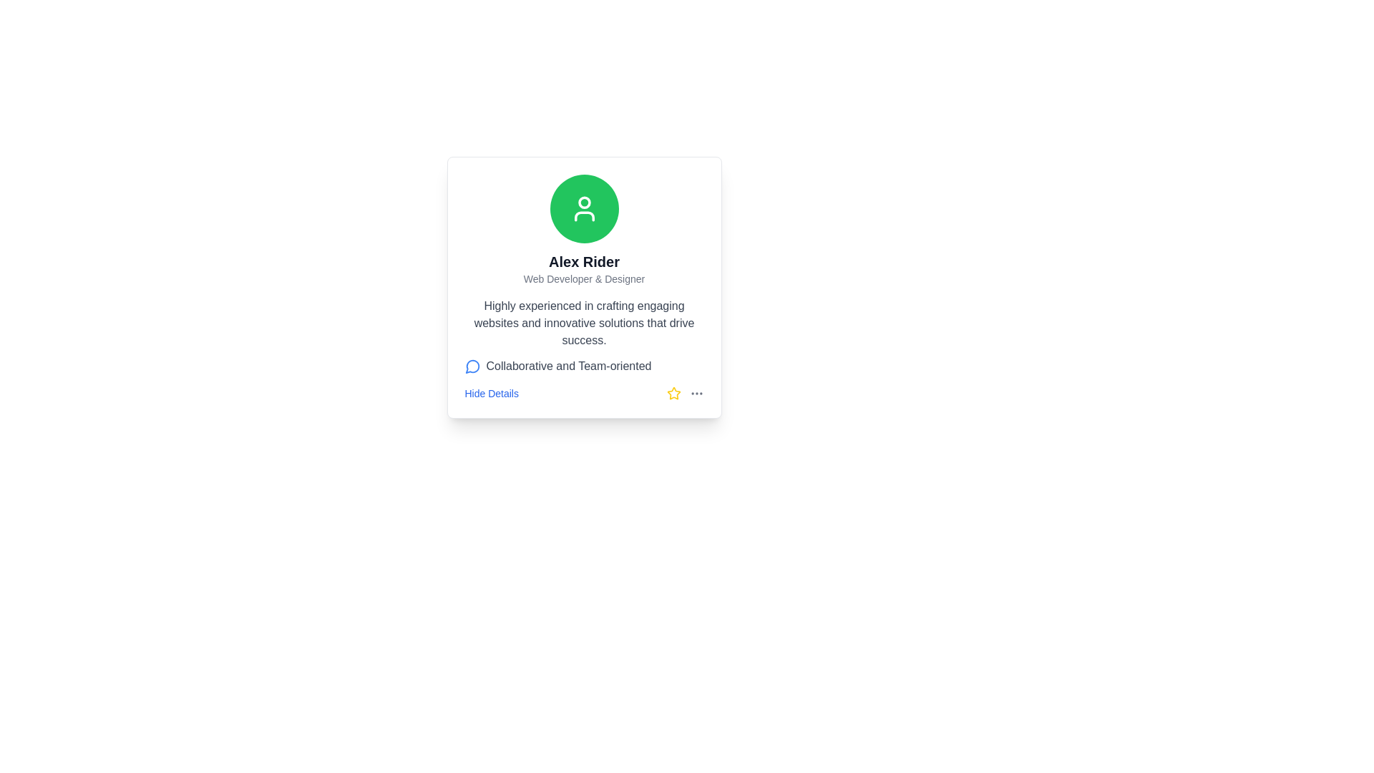 The image size is (1374, 773). Describe the element at coordinates (584, 209) in the screenshot. I see `the user profile icon, which is a white icon on a bright green circular background located at the top-center of the profile information card` at that location.